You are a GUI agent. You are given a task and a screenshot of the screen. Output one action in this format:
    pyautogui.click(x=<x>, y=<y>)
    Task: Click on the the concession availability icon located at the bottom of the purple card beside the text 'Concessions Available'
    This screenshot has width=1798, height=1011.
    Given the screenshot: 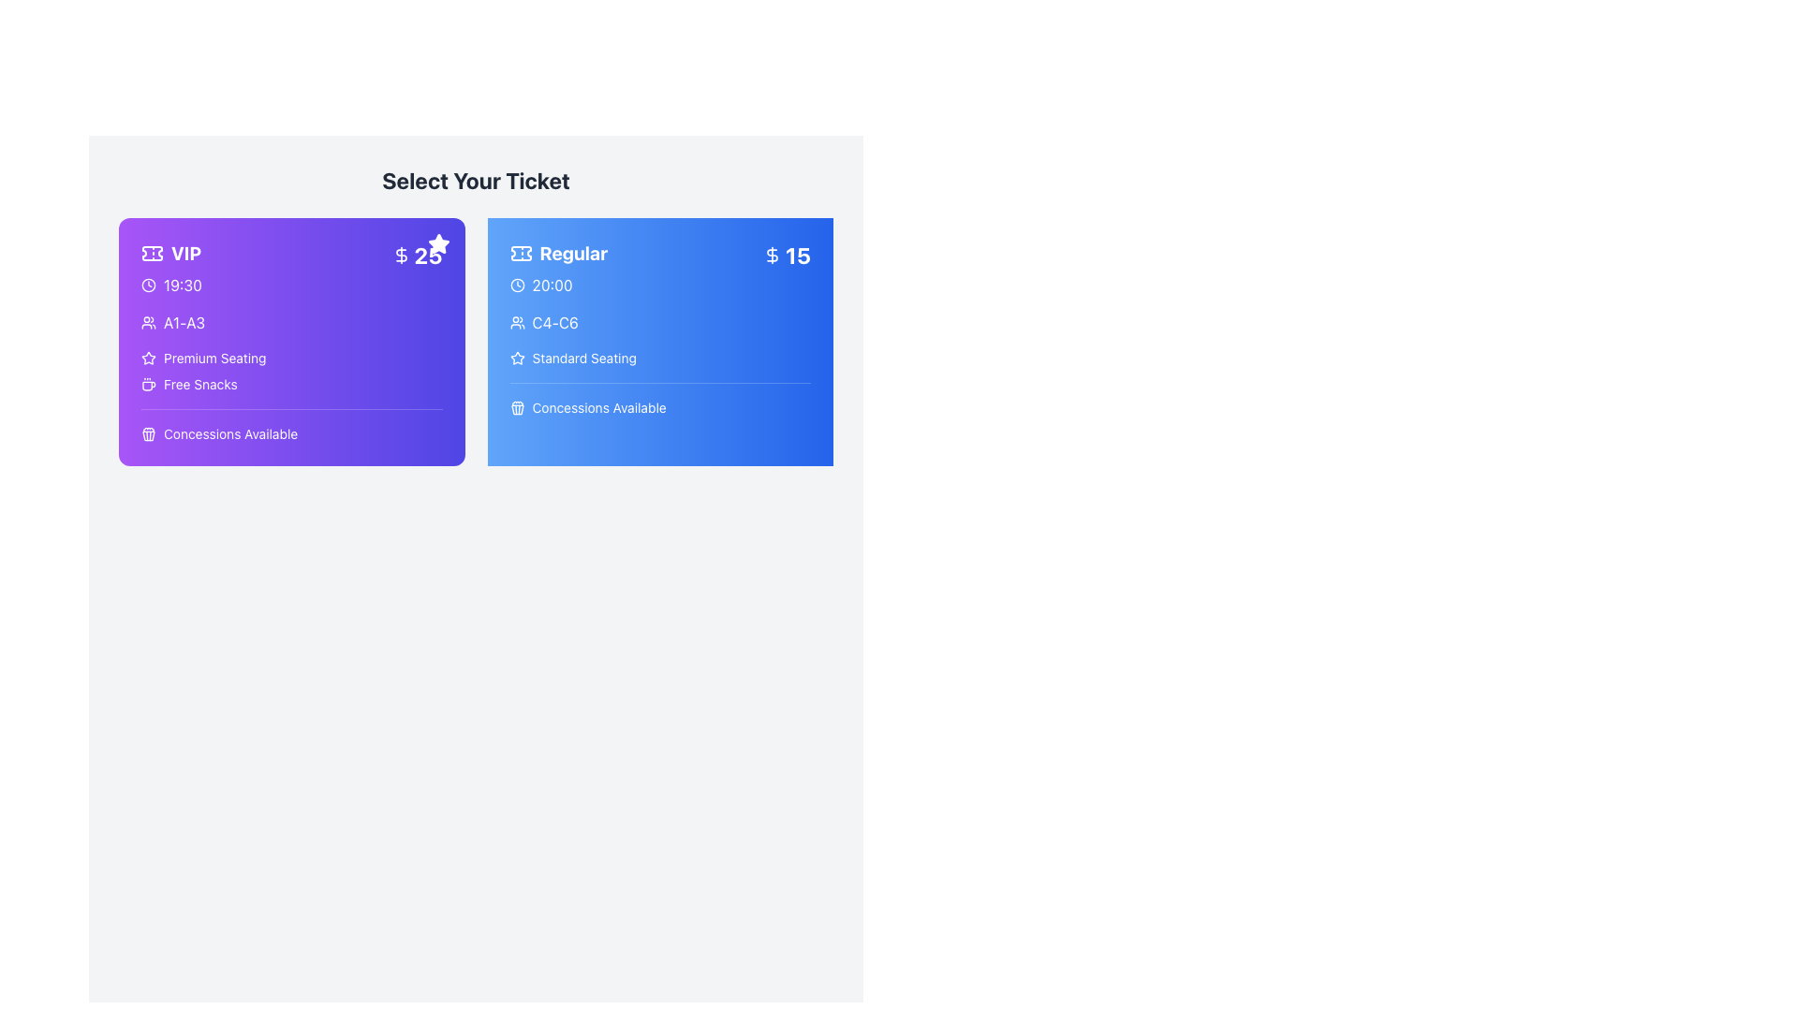 What is the action you would take?
    pyautogui.click(x=147, y=433)
    